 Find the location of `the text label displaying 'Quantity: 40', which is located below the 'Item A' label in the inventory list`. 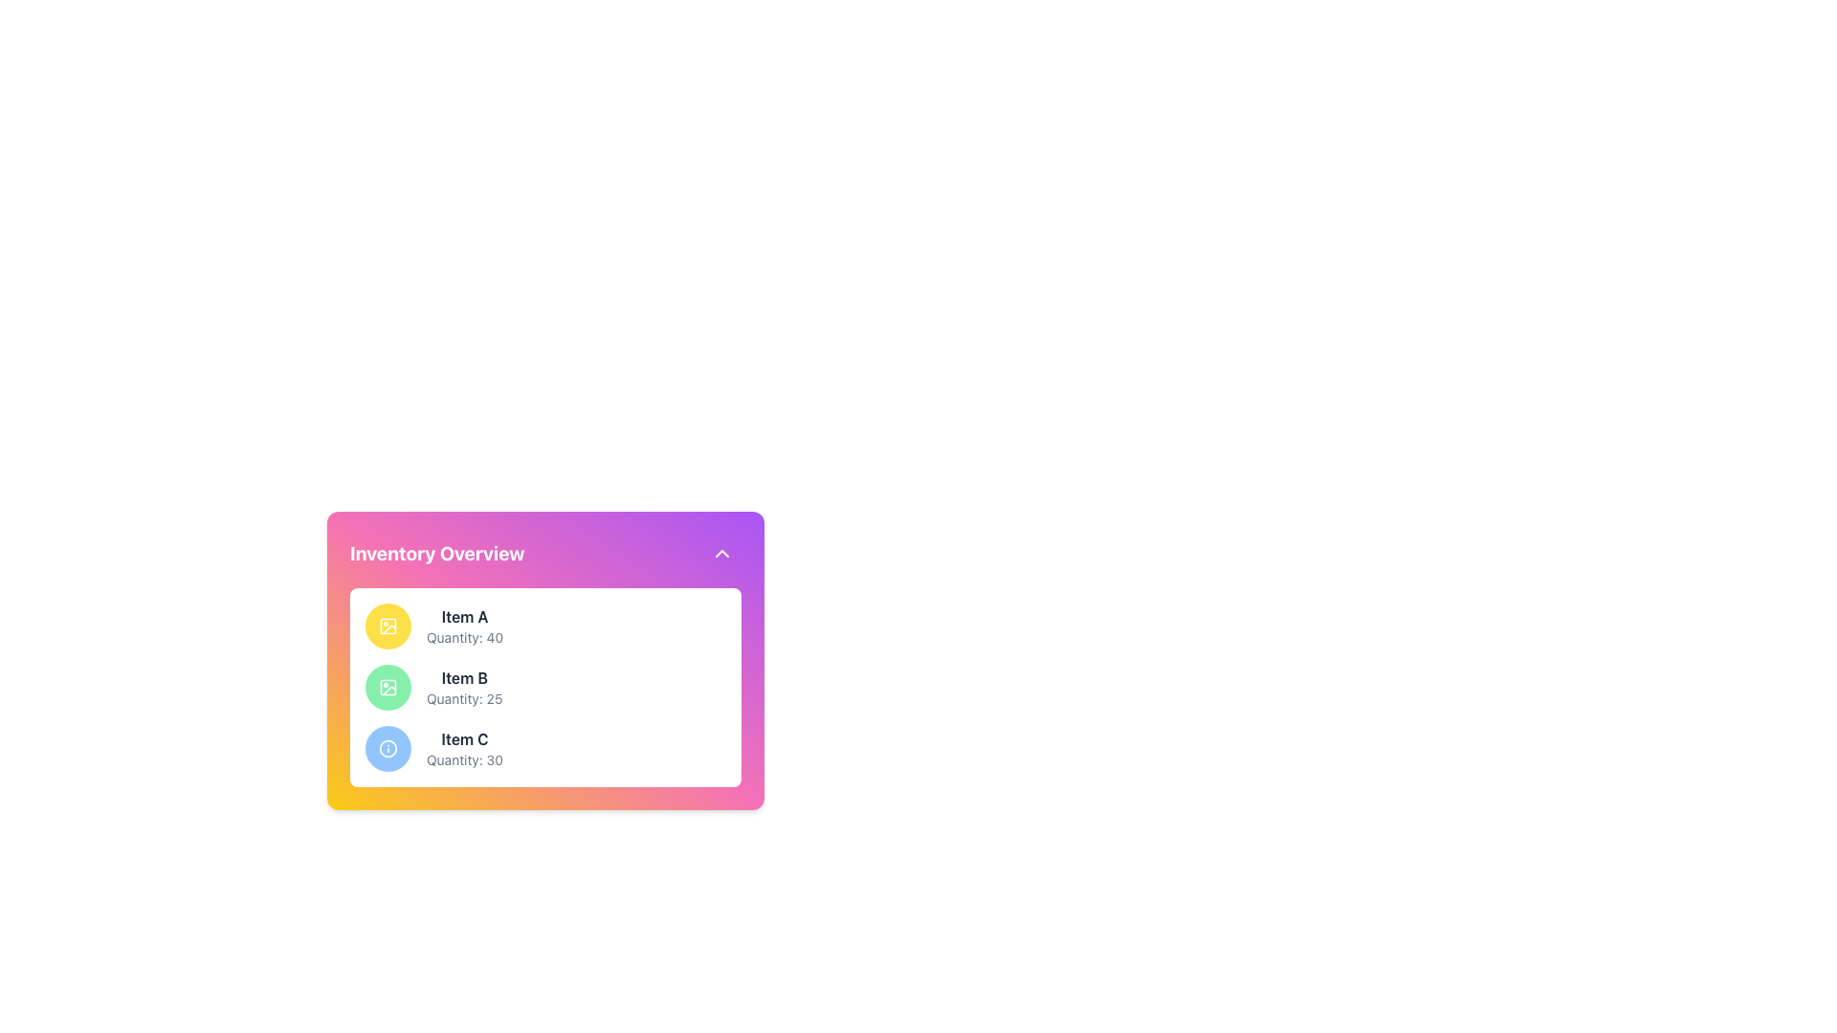

the text label displaying 'Quantity: 40', which is located below the 'Item A' label in the inventory list is located at coordinates (465, 638).